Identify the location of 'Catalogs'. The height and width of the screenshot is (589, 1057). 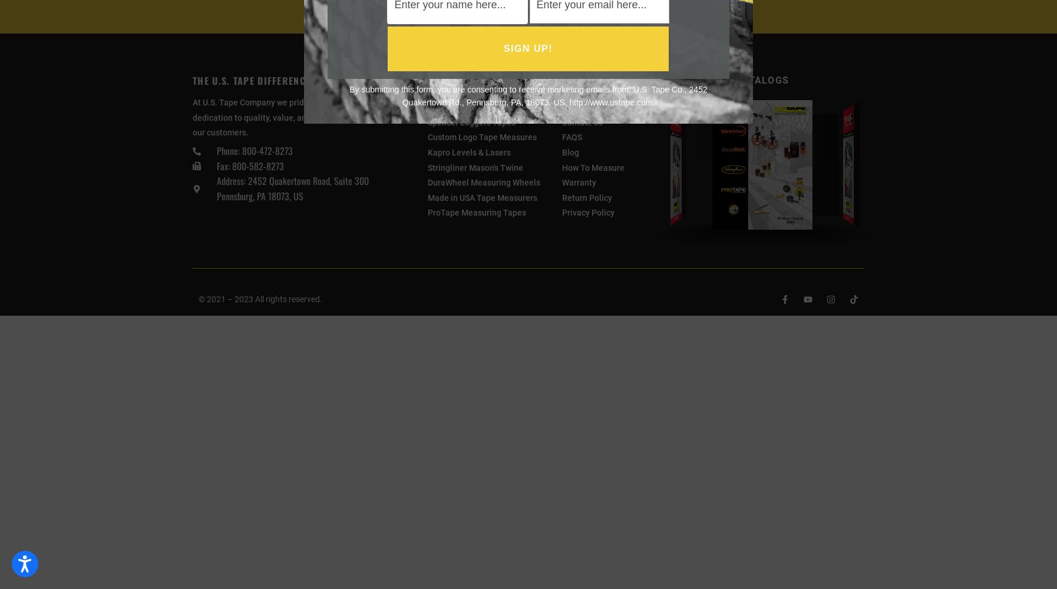
(761, 80).